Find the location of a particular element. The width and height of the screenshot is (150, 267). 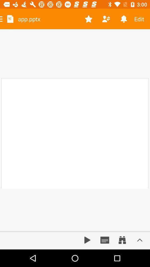

item next to app.pptx icon is located at coordinates (89, 19).